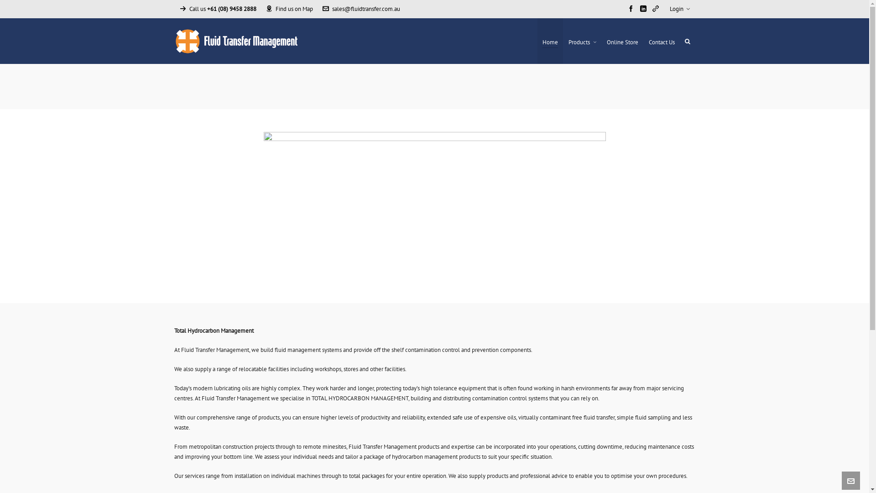 Image resolution: width=876 pixels, height=493 pixels. Describe the element at coordinates (360, 9) in the screenshot. I see `'sales@fluidtransfer.com.au'` at that location.